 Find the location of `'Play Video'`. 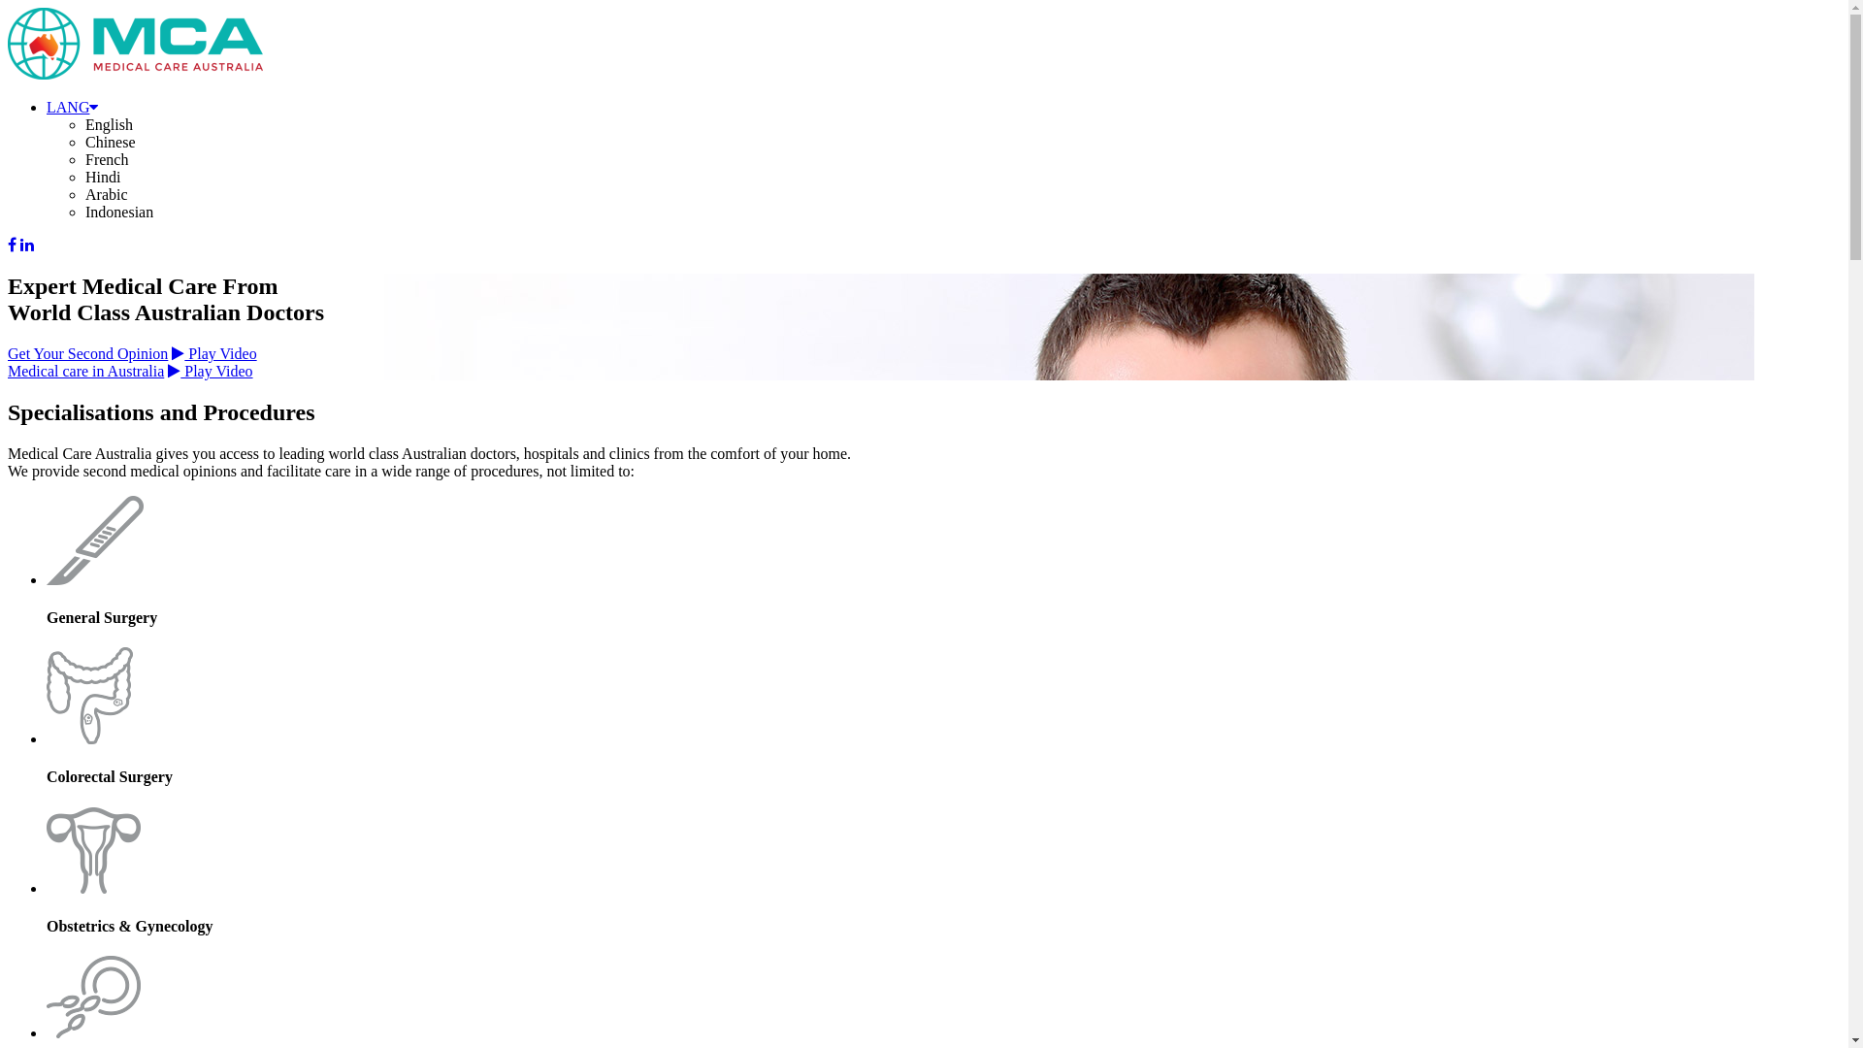

'Play Video' is located at coordinates (213, 353).